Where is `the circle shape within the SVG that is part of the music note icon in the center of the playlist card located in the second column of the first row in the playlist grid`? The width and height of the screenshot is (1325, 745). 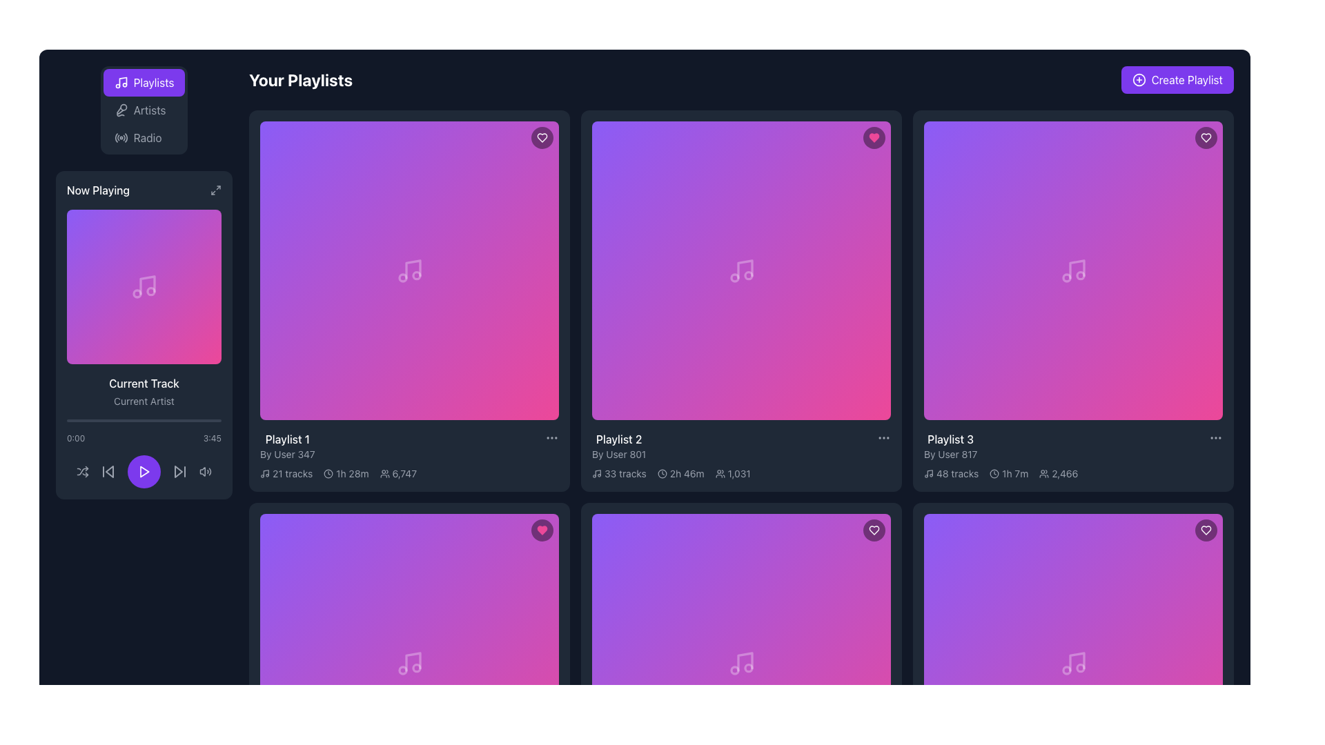 the circle shape within the SVG that is part of the music note icon in the center of the playlist card located in the second column of the first row in the playlist grid is located at coordinates (747, 275).